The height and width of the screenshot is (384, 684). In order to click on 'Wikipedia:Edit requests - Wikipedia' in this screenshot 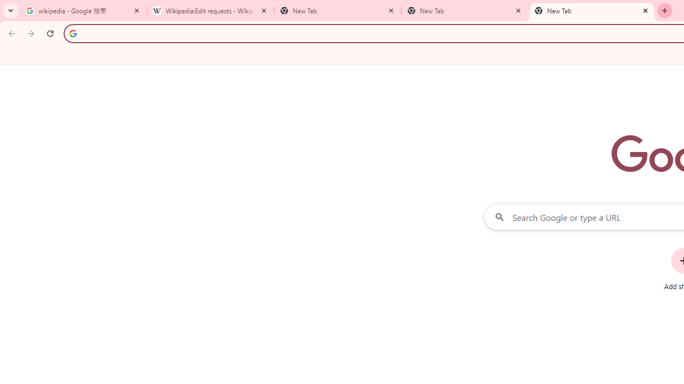, I will do `click(211, 11)`.